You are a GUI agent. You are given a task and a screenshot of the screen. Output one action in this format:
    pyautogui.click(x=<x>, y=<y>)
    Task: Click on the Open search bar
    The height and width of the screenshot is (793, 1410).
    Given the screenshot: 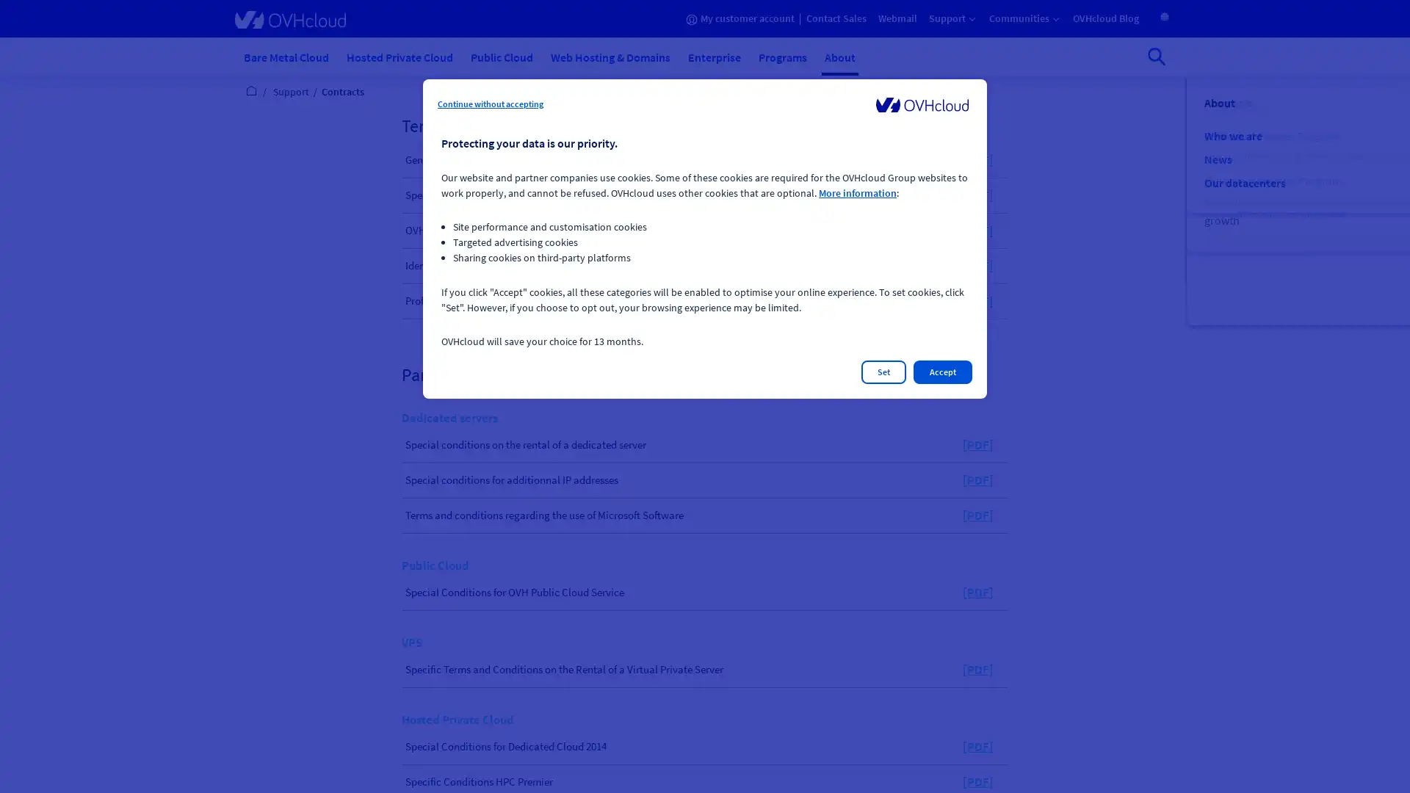 What is the action you would take?
    pyautogui.click(x=1155, y=56)
    